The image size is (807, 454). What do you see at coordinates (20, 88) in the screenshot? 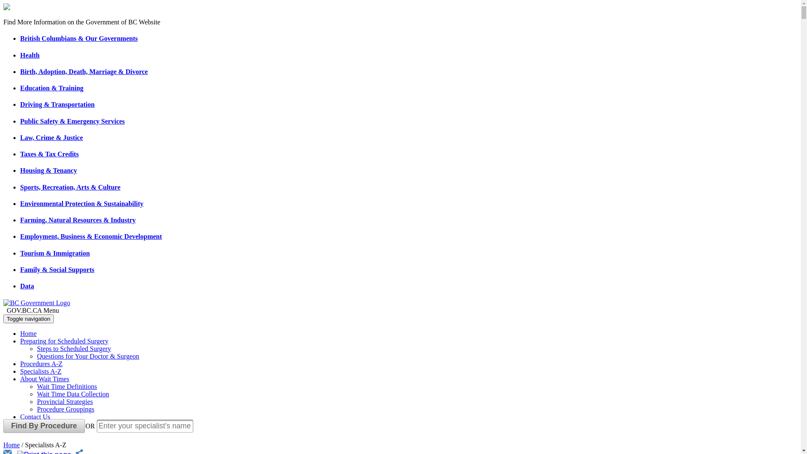
I see `'Education & Training'` at bounding box center [20, 88].